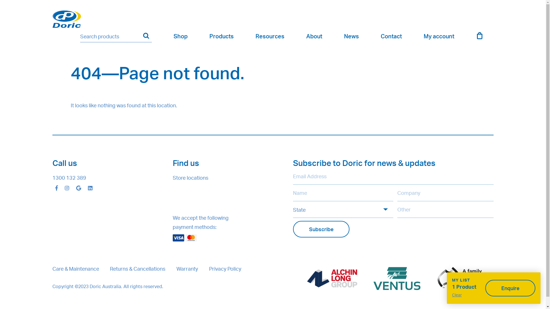  Describe the element at coordinates (314, 36) in the screenshot. I see `'About'` at that location.